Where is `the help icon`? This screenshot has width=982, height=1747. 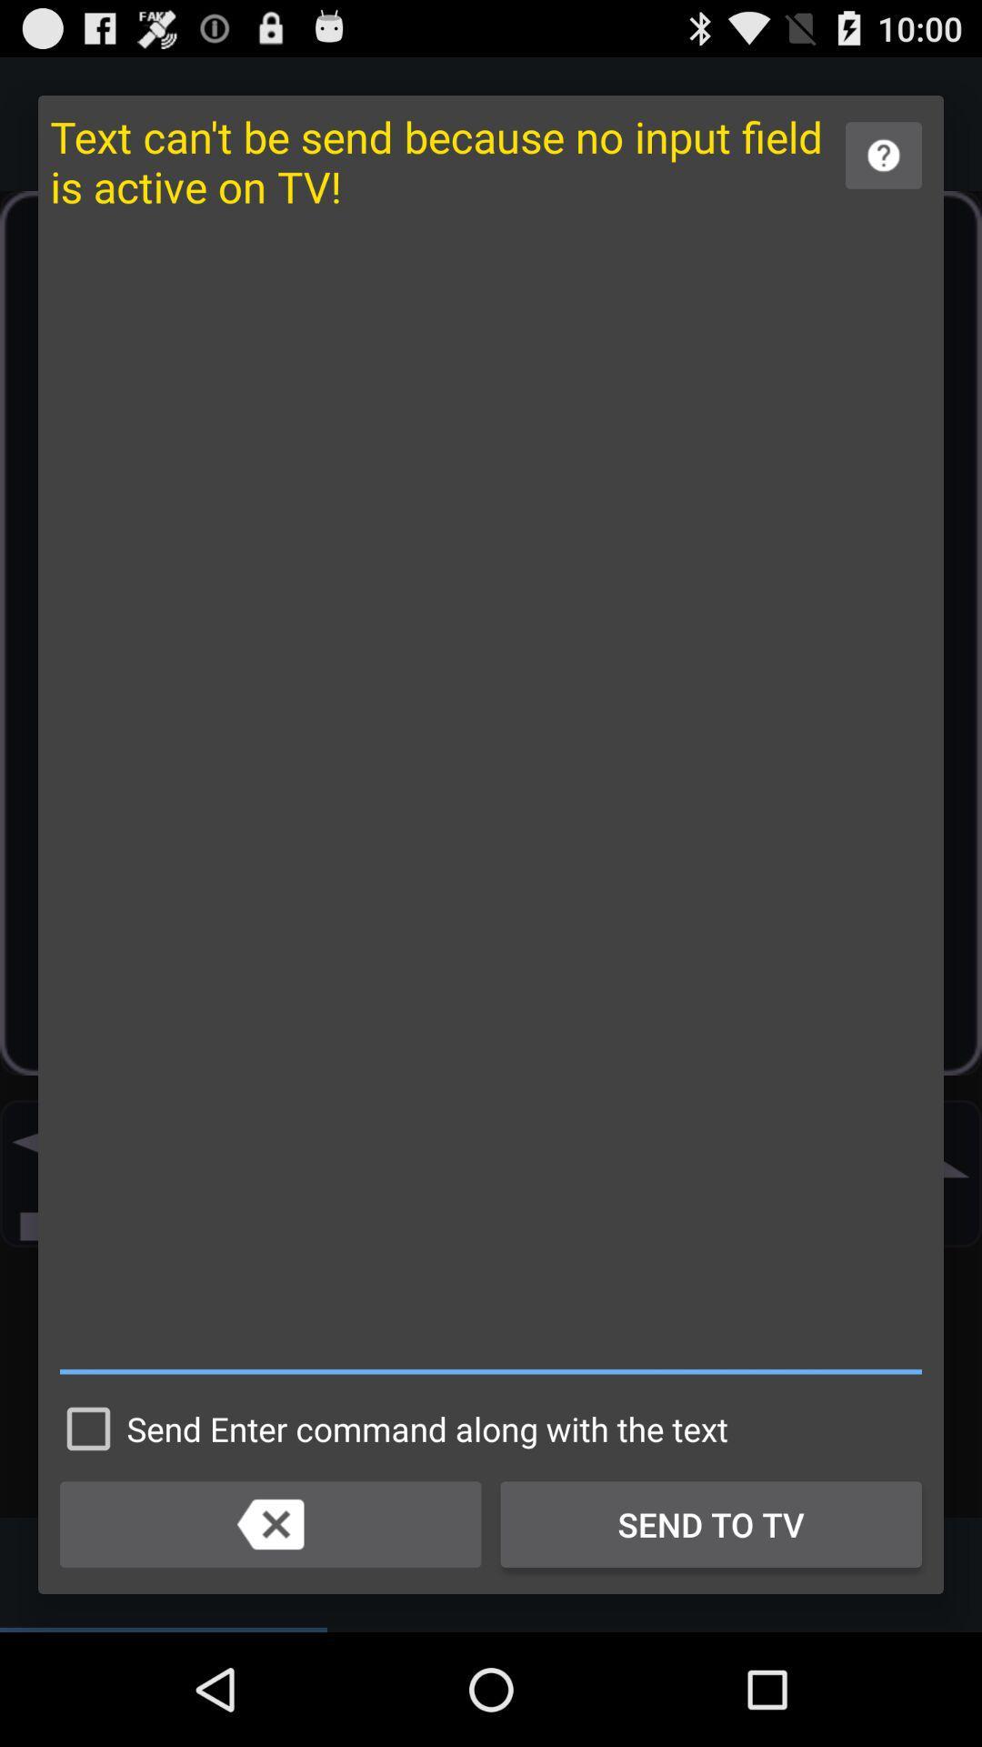 the help icon is located at coordinates (883, 166).